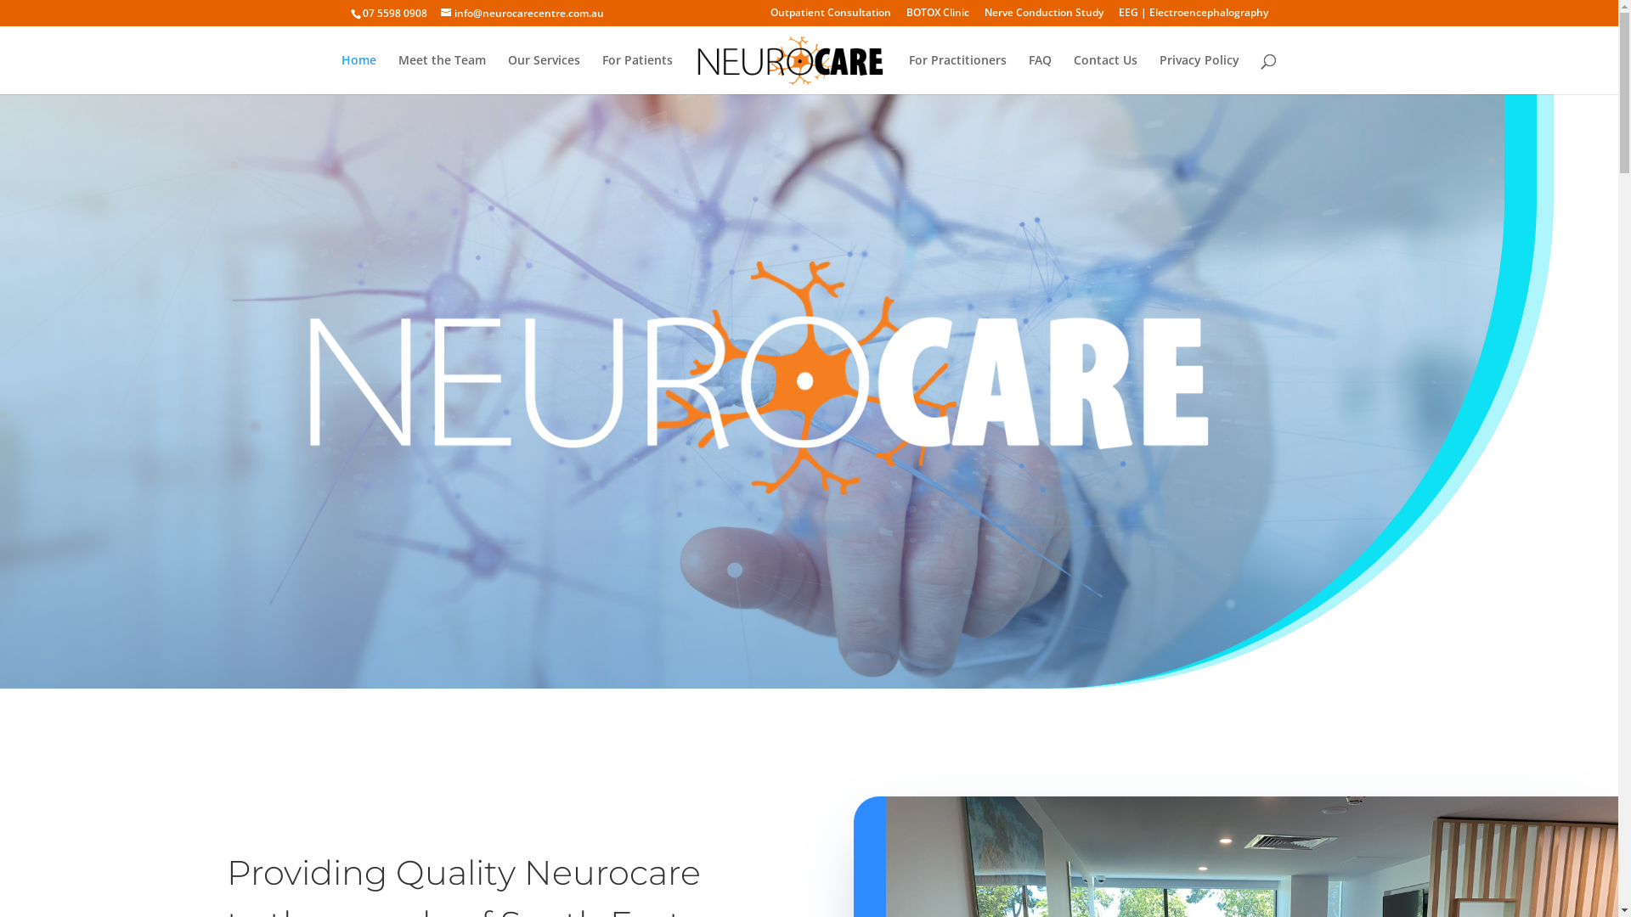 The width and height of the screenshot is (1631, 917). I want to click on 'Our Services', so click(544, 73).